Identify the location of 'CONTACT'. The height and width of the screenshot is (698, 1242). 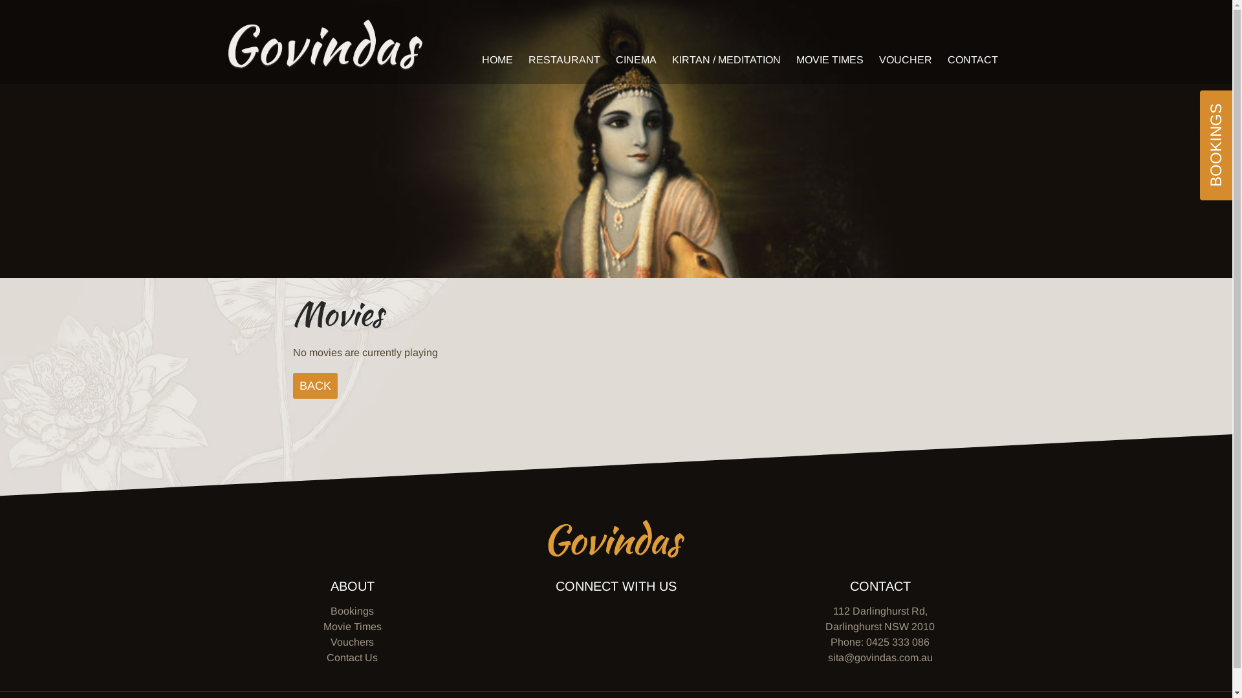
(972, 59).